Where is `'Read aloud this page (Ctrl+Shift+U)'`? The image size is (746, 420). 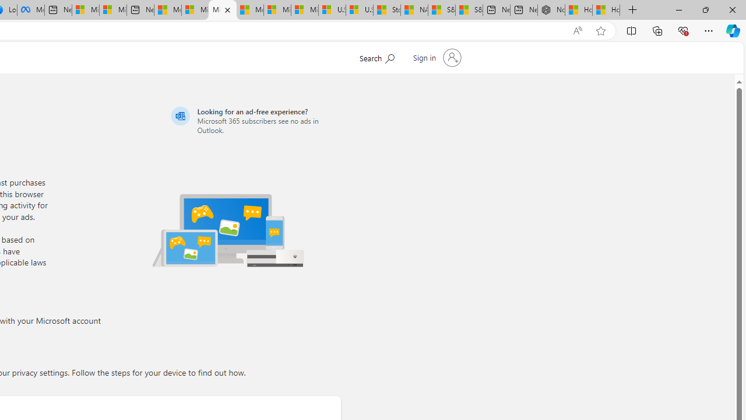
'Read aloud this page (Ctrl+Shift+U)' is located at coordinates (578, 30).